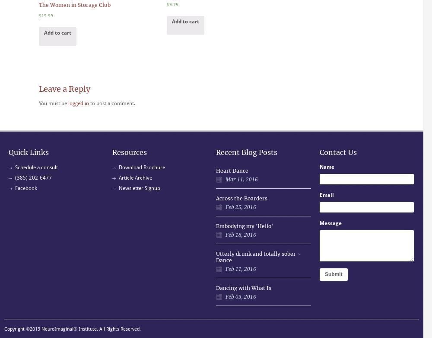 The width and height of the screenshot is (432, 338). I want to click on 'Feb 25, 2016', so click(241, 206).